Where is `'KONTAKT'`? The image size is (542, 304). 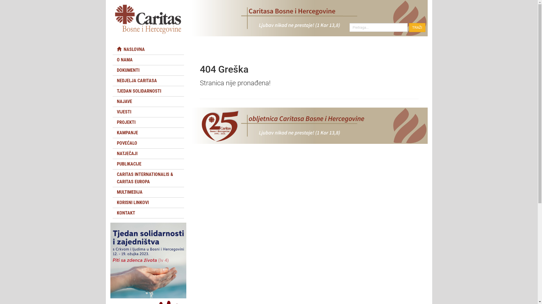
'KONTAKT' is located at coordinates (148, 213).